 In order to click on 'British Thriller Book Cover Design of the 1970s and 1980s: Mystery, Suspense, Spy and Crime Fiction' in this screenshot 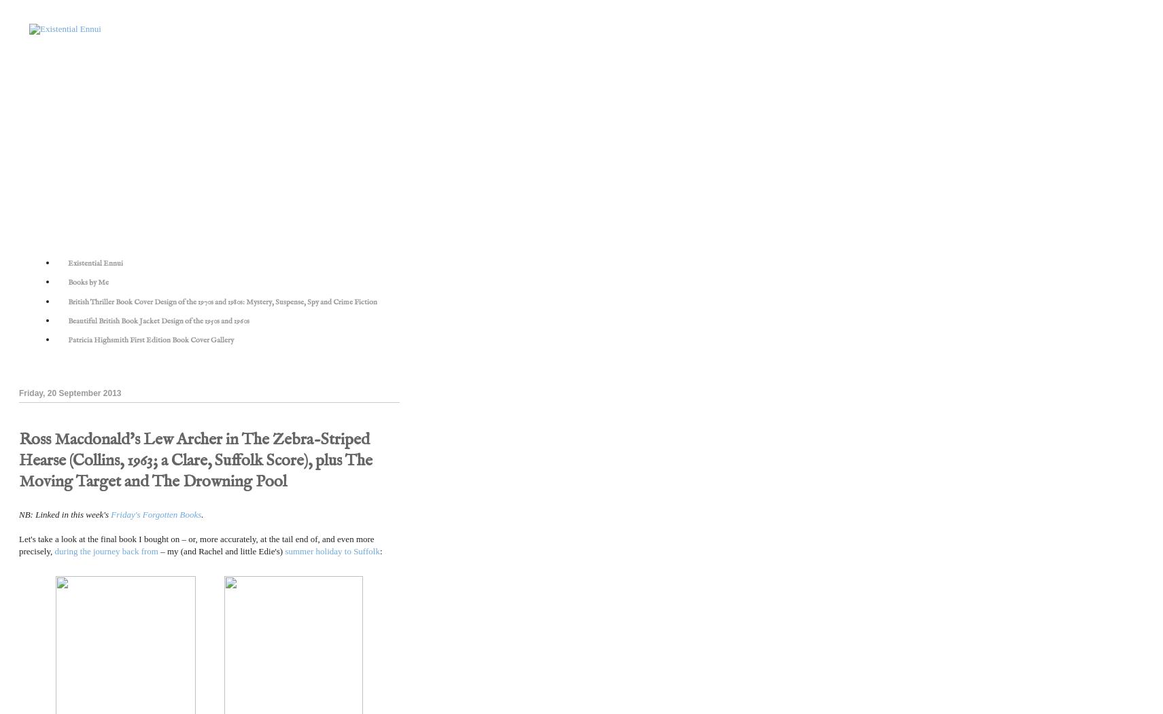, I will do `click(222, 302)`.